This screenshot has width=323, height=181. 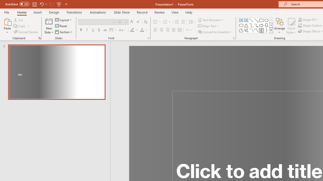 What do you see at coordinates (138, 22) in the screenshot?
I see `'Decrease Font Size'` at bounding box center [138, 22].